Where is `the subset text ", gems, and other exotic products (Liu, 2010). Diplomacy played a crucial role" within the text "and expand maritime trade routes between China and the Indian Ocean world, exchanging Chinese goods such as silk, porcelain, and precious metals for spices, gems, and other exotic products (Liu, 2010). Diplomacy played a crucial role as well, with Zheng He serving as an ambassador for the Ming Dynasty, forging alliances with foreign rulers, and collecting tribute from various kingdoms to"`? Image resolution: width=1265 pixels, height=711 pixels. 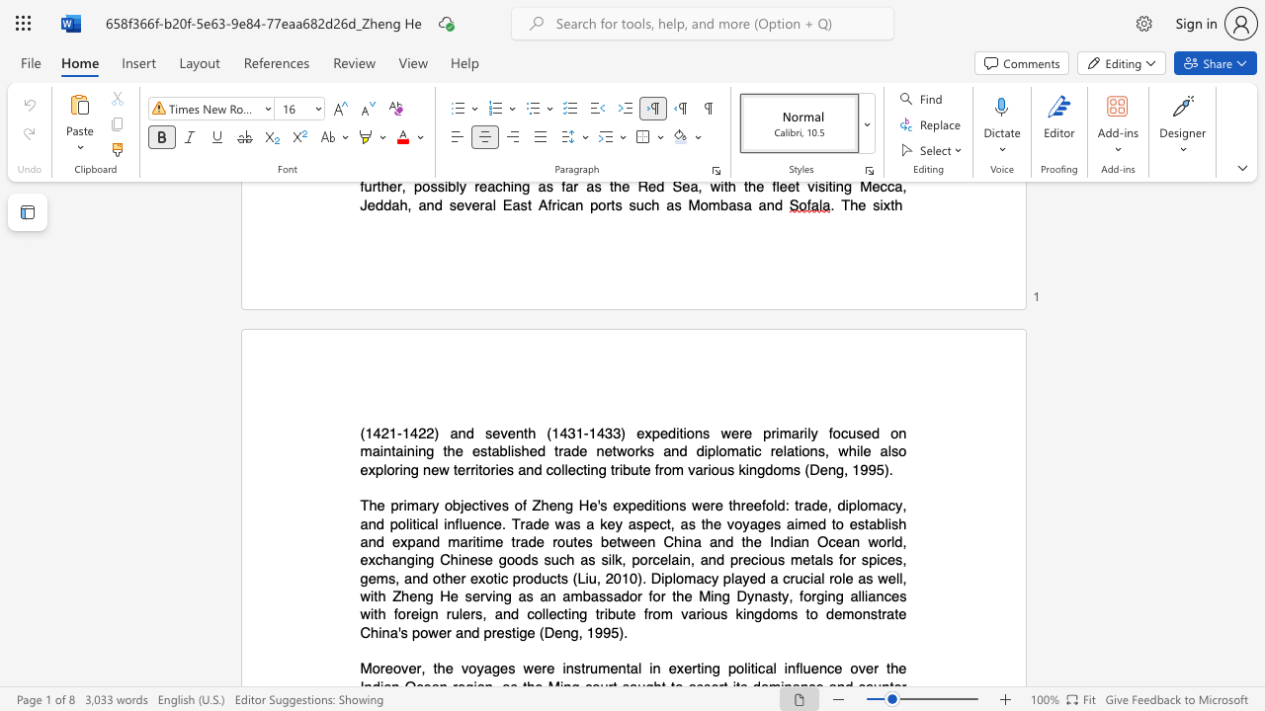 the subset text ", gems, and other exotic products (Liu, 2010). Diplomacy played a crucial role" within the text "and expand maritime trade routes between China and the Indian Ocean world, exchanging Chinese goods such as silk, porcelain, and precious metals for spices, gems, and other exotic products (Liu, 2010). Diplomacy played a crucial role as well, with Zheng He serving as an ambassador for the Ming Dynasty, forging alliances with foreign rulers, and collecting tribute from various kingdoms to" is located at coordinates (901, 560).